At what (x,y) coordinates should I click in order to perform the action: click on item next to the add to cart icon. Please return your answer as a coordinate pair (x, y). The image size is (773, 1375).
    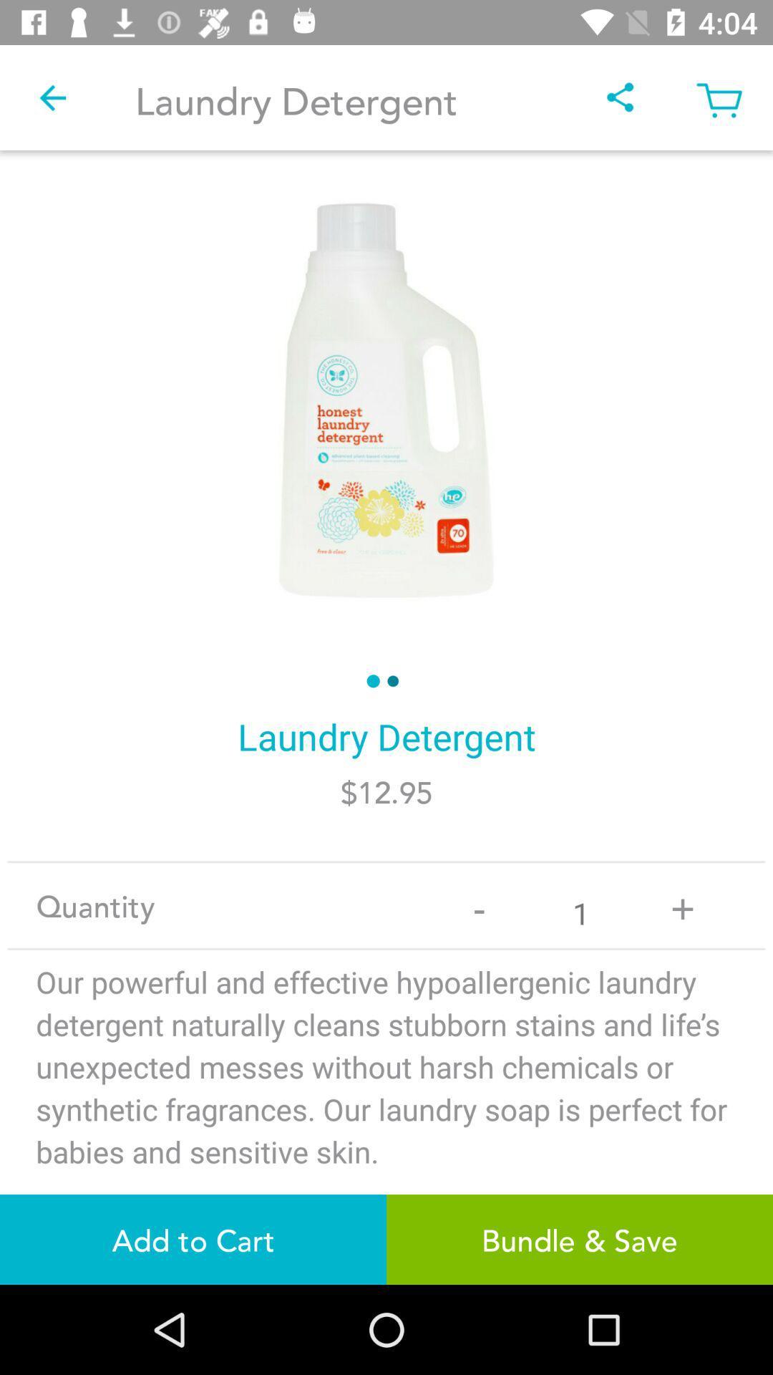
    Looking at the image, I should click on (580, 1239).